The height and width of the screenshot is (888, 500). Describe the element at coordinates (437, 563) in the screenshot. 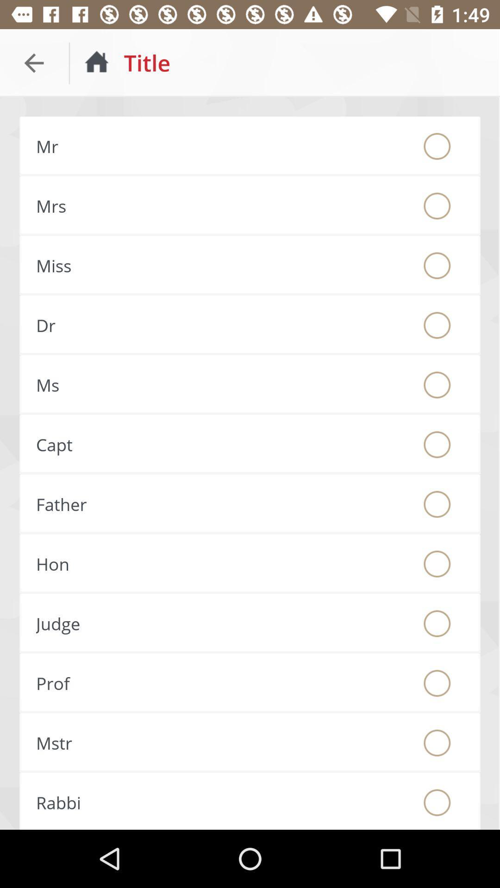

I see `hon title` at that location.